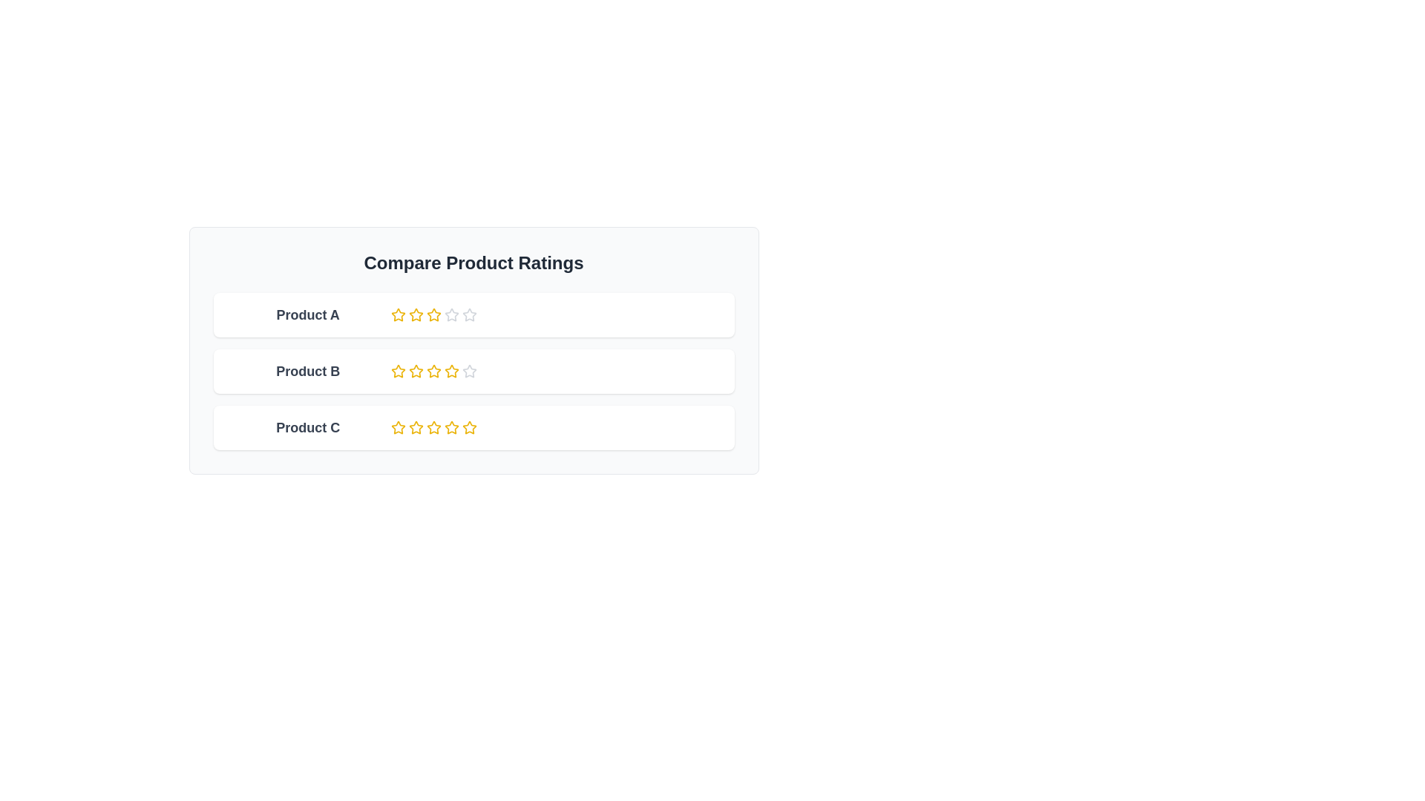 Image resolution: width=1425 pixels, height=801 pixels. What do you see at coordinates (451, 370) in the screenshot?
I see `the third star` at bounding box center [451, 370].